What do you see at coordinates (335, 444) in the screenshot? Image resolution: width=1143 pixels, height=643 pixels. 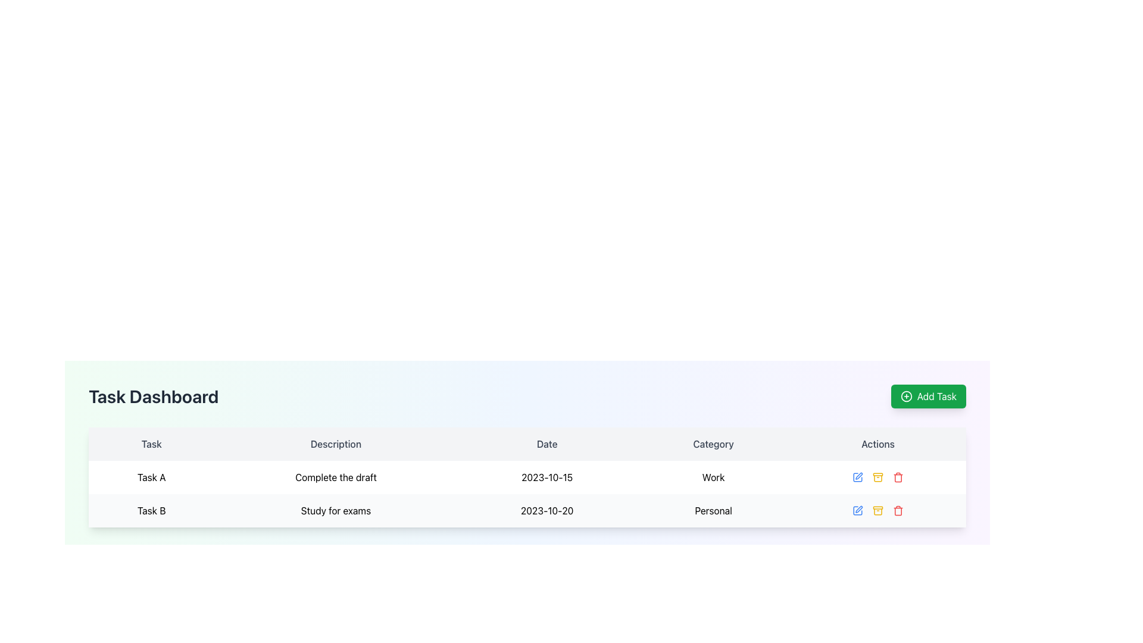 I see `the 'Description' text display element which is the second column header in the table layout, positioned between 'Task' and 'Date'` at bounding box center [335, 444].